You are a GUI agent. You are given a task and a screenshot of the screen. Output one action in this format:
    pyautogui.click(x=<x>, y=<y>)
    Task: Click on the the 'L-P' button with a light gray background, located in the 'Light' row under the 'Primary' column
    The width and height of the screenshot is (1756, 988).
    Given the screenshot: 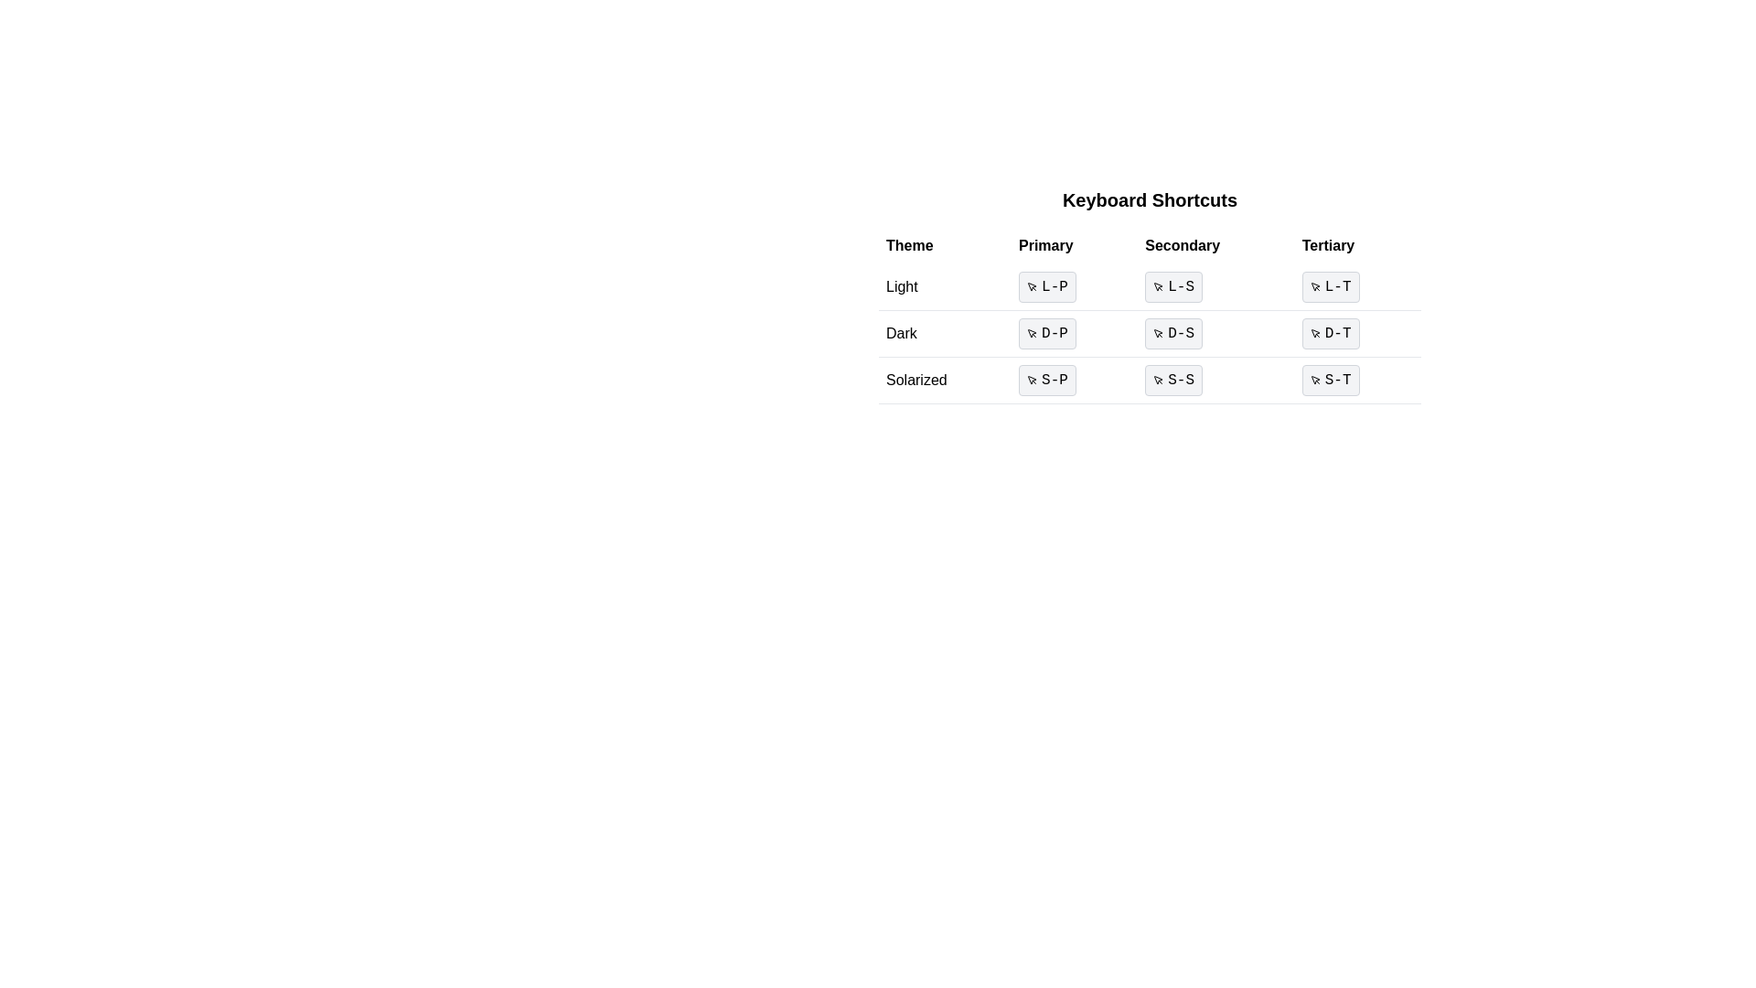 What is the action you would take?
    pyautogui.click(x=1075, y=286)
    